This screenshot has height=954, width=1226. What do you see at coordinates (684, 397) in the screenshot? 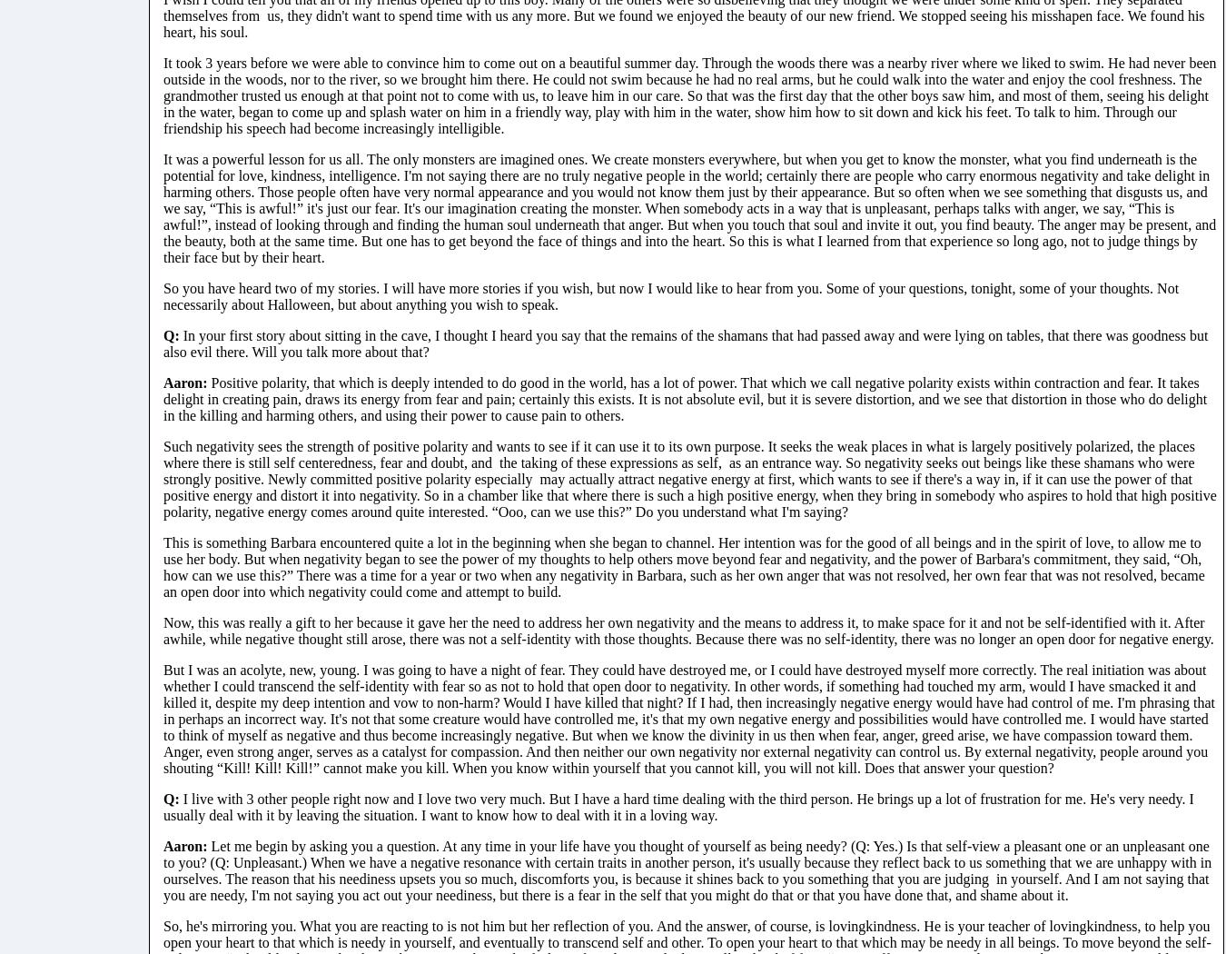
I see `'Positive polarity, that which is deeply intended to do good in the world, has a lot of power. That which we call negative polarity exists within contraction and fear. It takes delight in creating pain, draws its energy from fear and pain; certainly this exists. It is not absolute evil, but it is severe distortion, and we see that distortion in those who do delight in the killing and harming others, and using their power to cause pain to others.'` at bounding box center [684, 397].